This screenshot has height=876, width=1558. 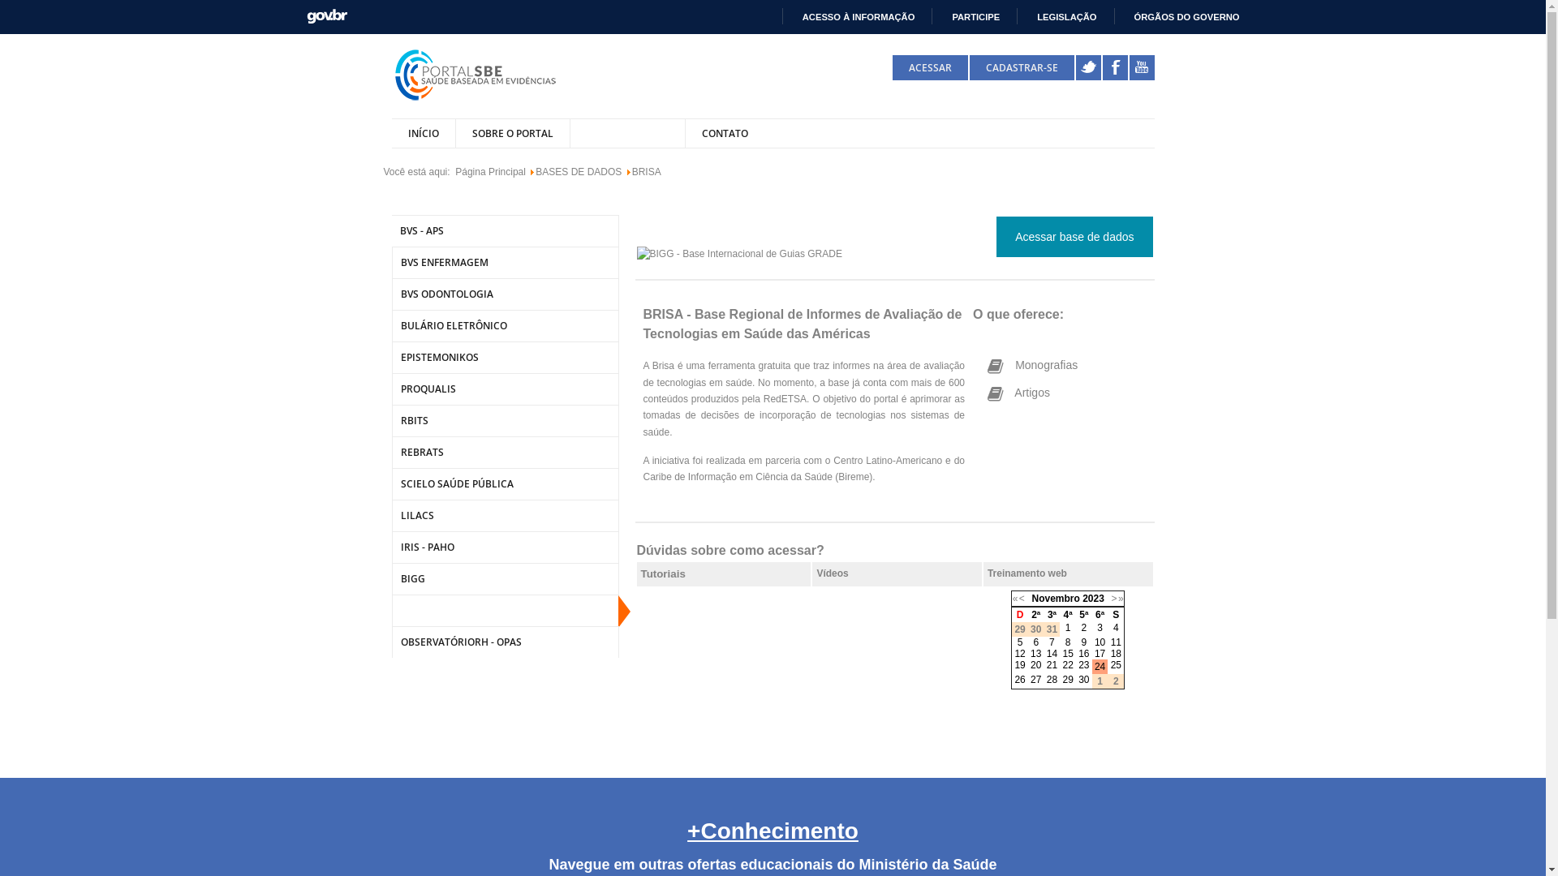 What do you see at coordinates (1052, 679) in the screenshot?
I see `'28'` at bounding box center [1052, 679].